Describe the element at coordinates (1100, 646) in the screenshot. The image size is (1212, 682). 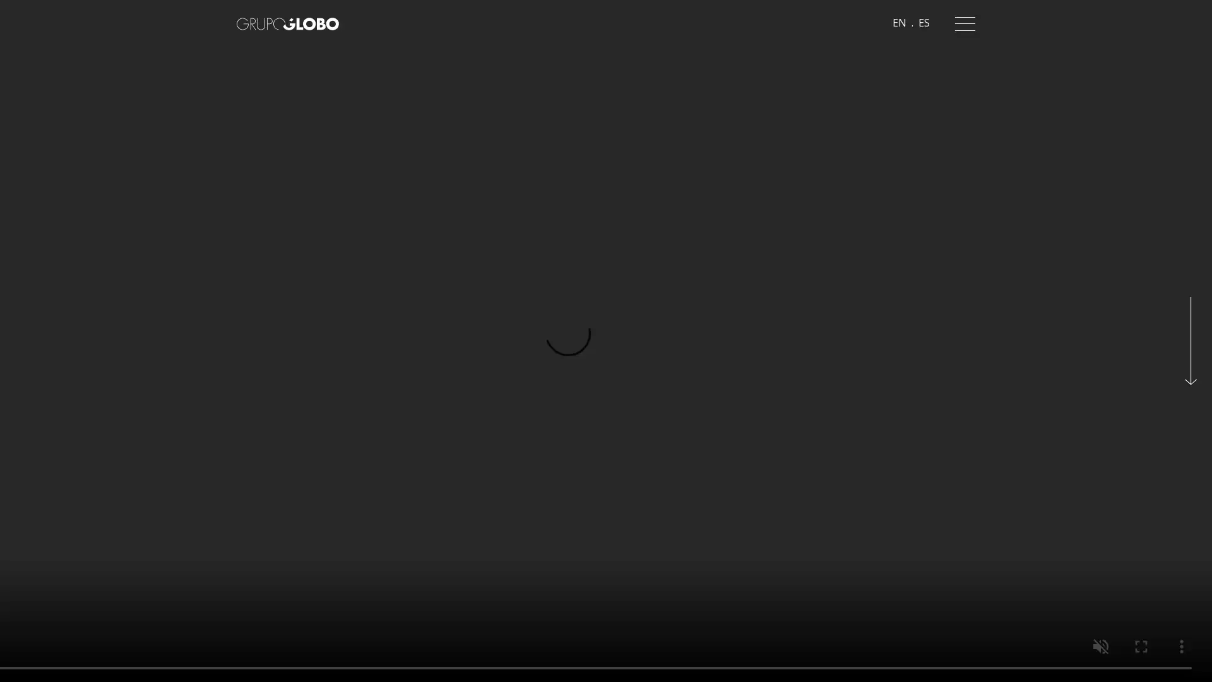
I see `unmute` at that location.